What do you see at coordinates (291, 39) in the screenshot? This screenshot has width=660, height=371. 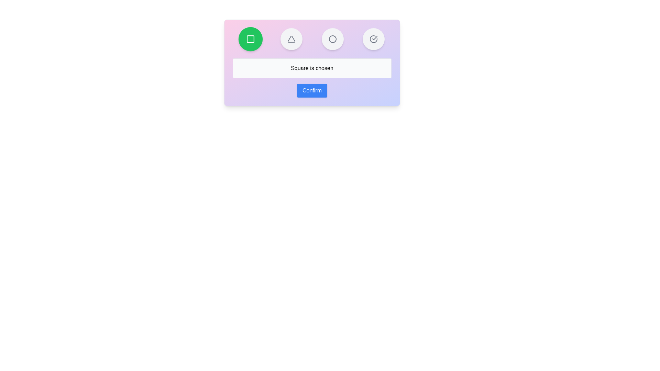 I see `the button representing the shape Triangle to select it` at bounding box center [291, 39].